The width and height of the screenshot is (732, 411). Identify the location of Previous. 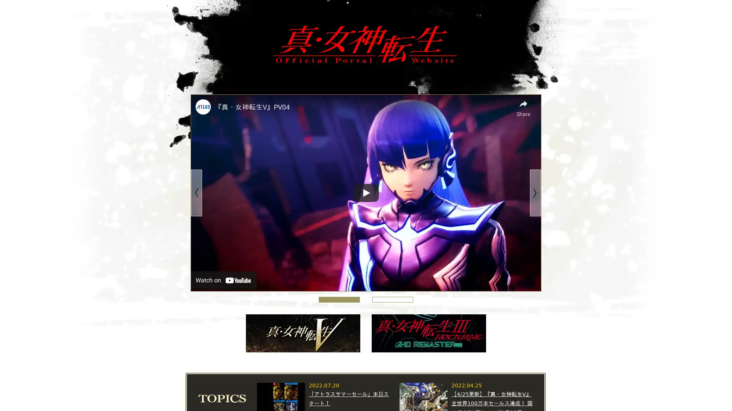
(196, 192).